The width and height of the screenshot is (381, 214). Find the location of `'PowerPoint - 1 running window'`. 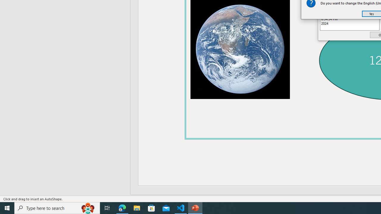

'PowerPoint - 1 running window' is located at coordinates (195, 207).